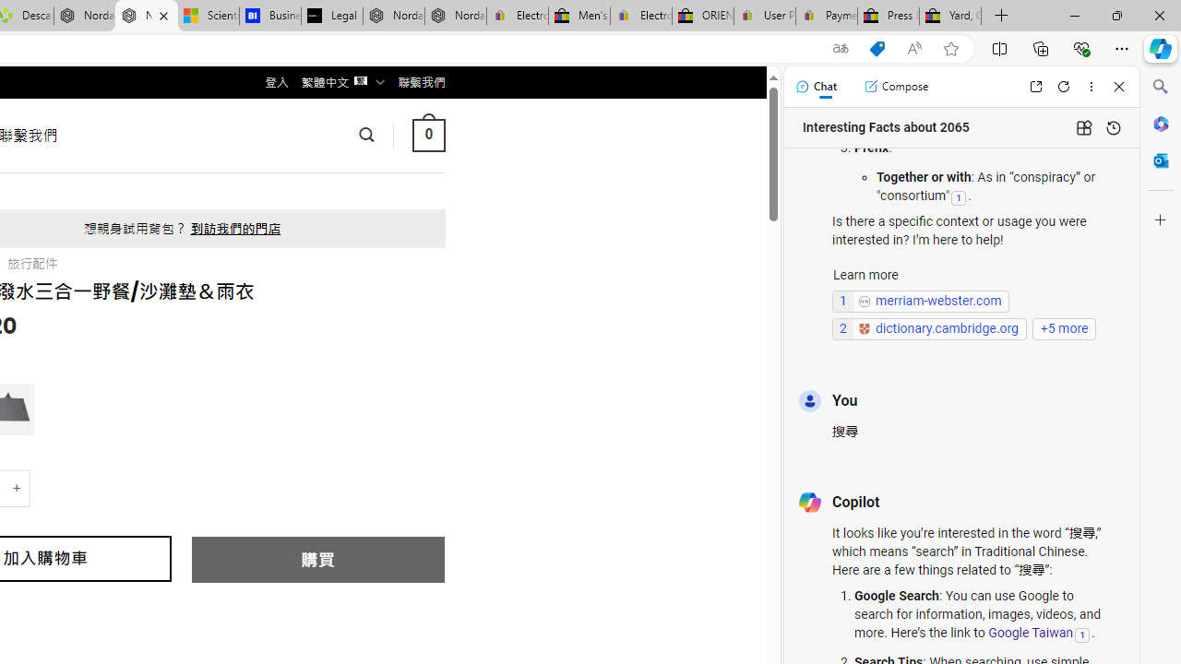 The height and width of the screenshot is (664, 1181). Describe the element at coordinates (1160, 87) in the screenshot. I see `'Minimize Search pane'` at that location.